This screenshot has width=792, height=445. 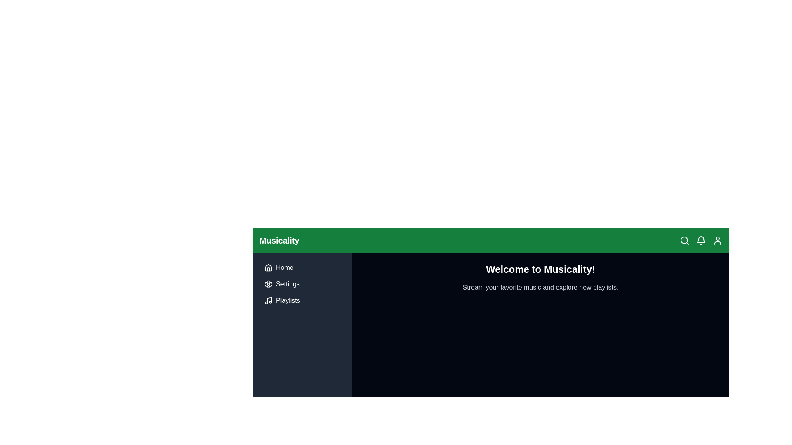 I want to click on the bell-shaped notification icon located in the top right corner of the app's navigation bar, so click(x=700, y=239).